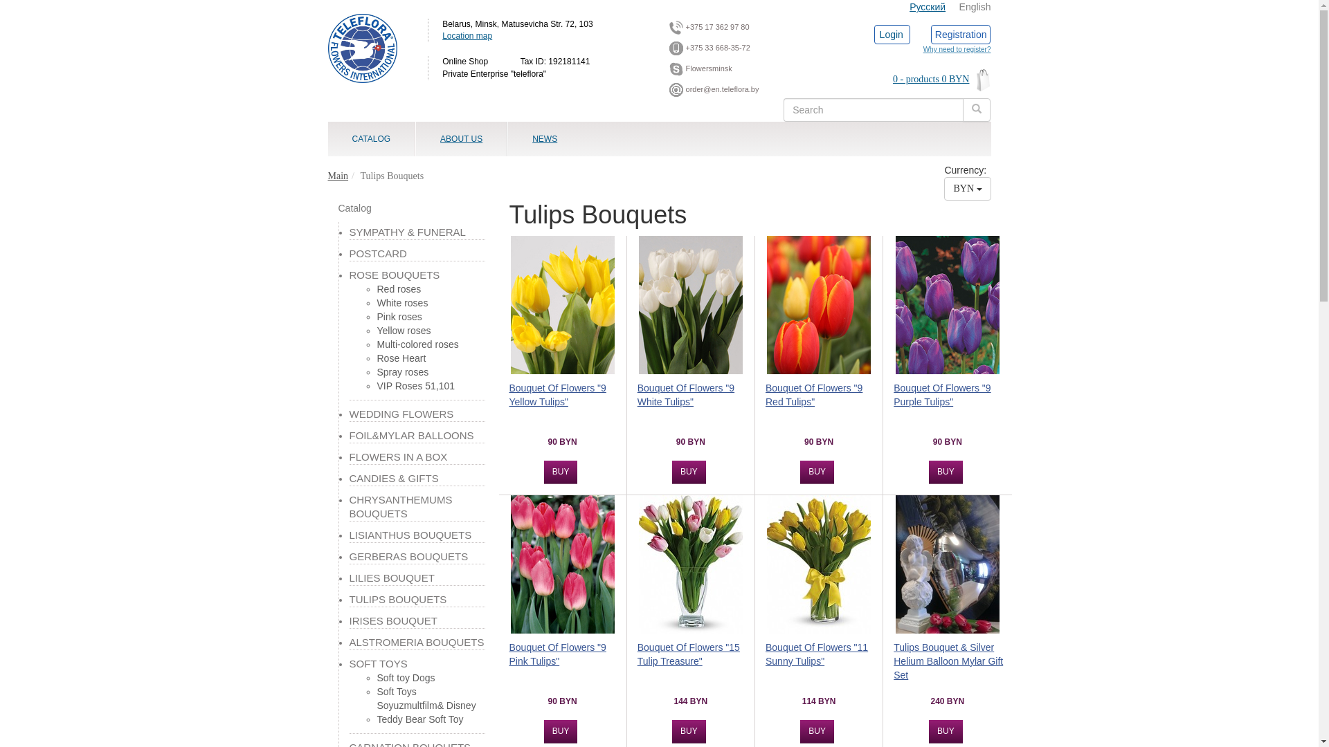 The height and width of the screenshot is (747, 1329). Describe the element at coordinates (399, 506) in the screenshot. I see `'CHRYSANTHEMUMS BOUQUETS'` at that location.